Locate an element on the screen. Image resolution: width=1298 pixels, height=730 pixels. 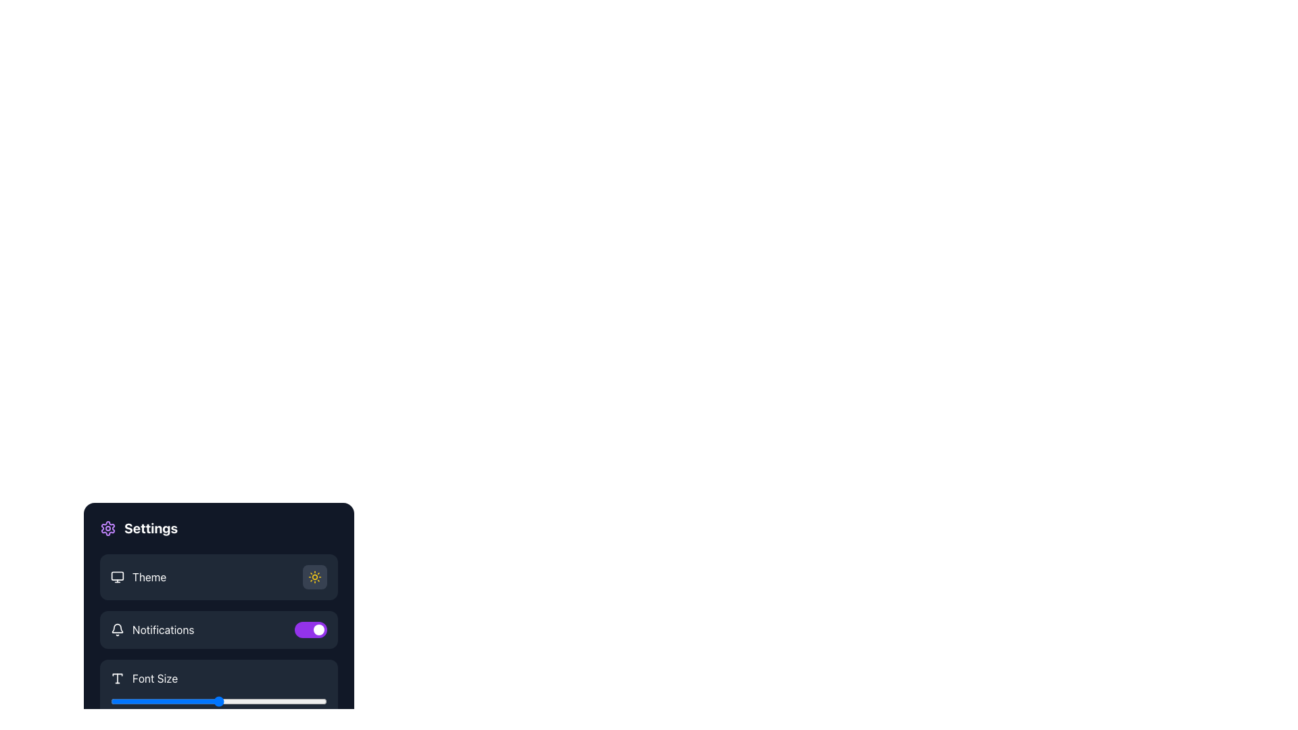
or read the text of the 'Notifications' label with icon, which indicates the purpose of associated controls or information is located at coordinates (152, 630).